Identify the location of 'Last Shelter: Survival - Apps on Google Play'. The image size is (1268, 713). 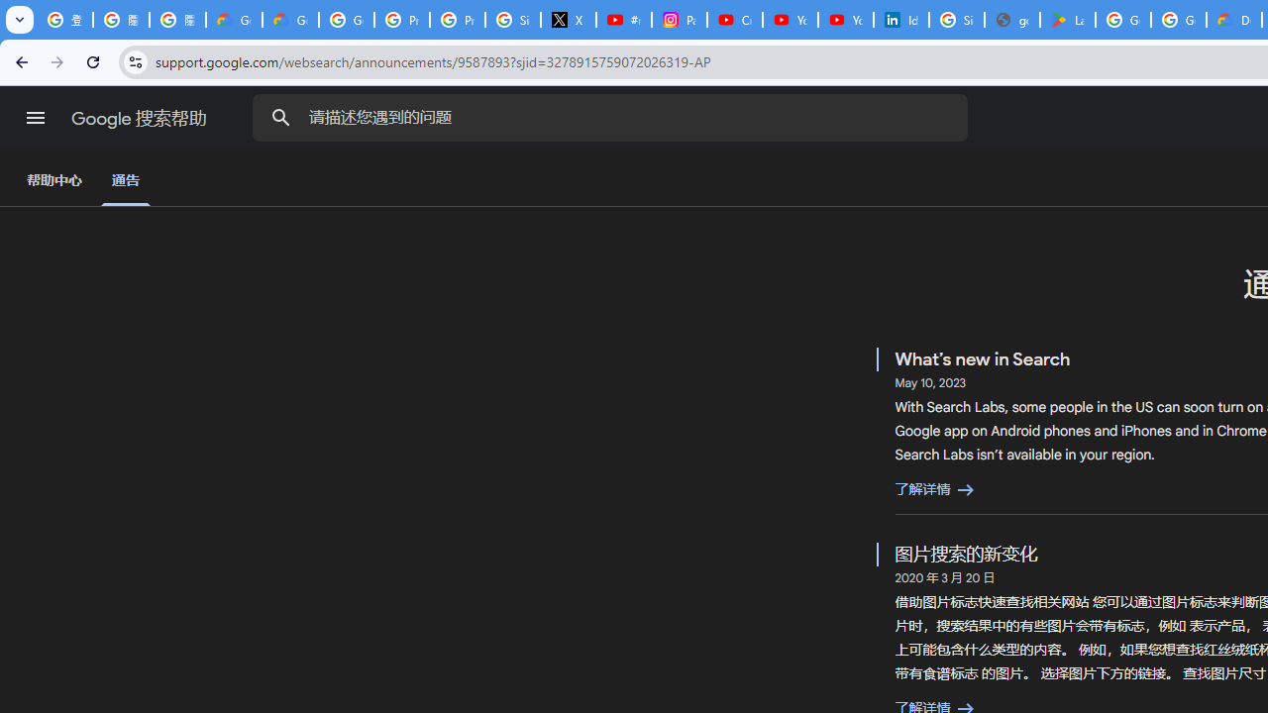
(1066, 20).